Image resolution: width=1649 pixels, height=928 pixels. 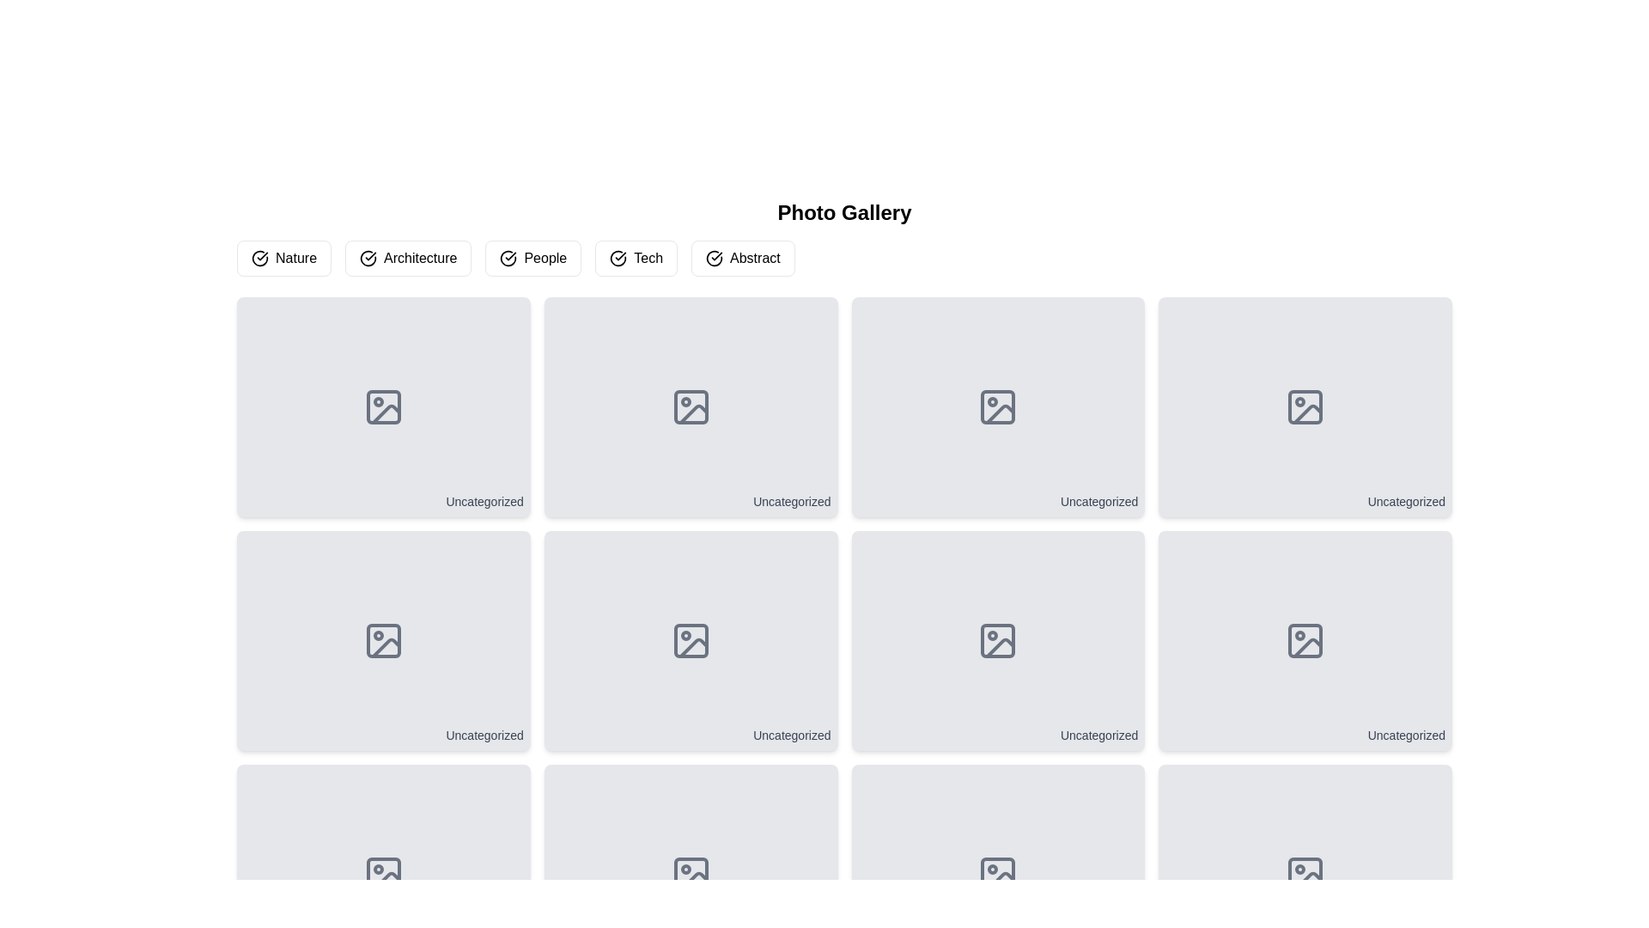 What do you see at coordinates (382, 875) in the screenshot?
I see `the icon resembling a picture frame located at the lower-right corner of the grid layout, which is centered within its cell and above the text label 'Uncategorized.'` at bounding box center [382, 875].